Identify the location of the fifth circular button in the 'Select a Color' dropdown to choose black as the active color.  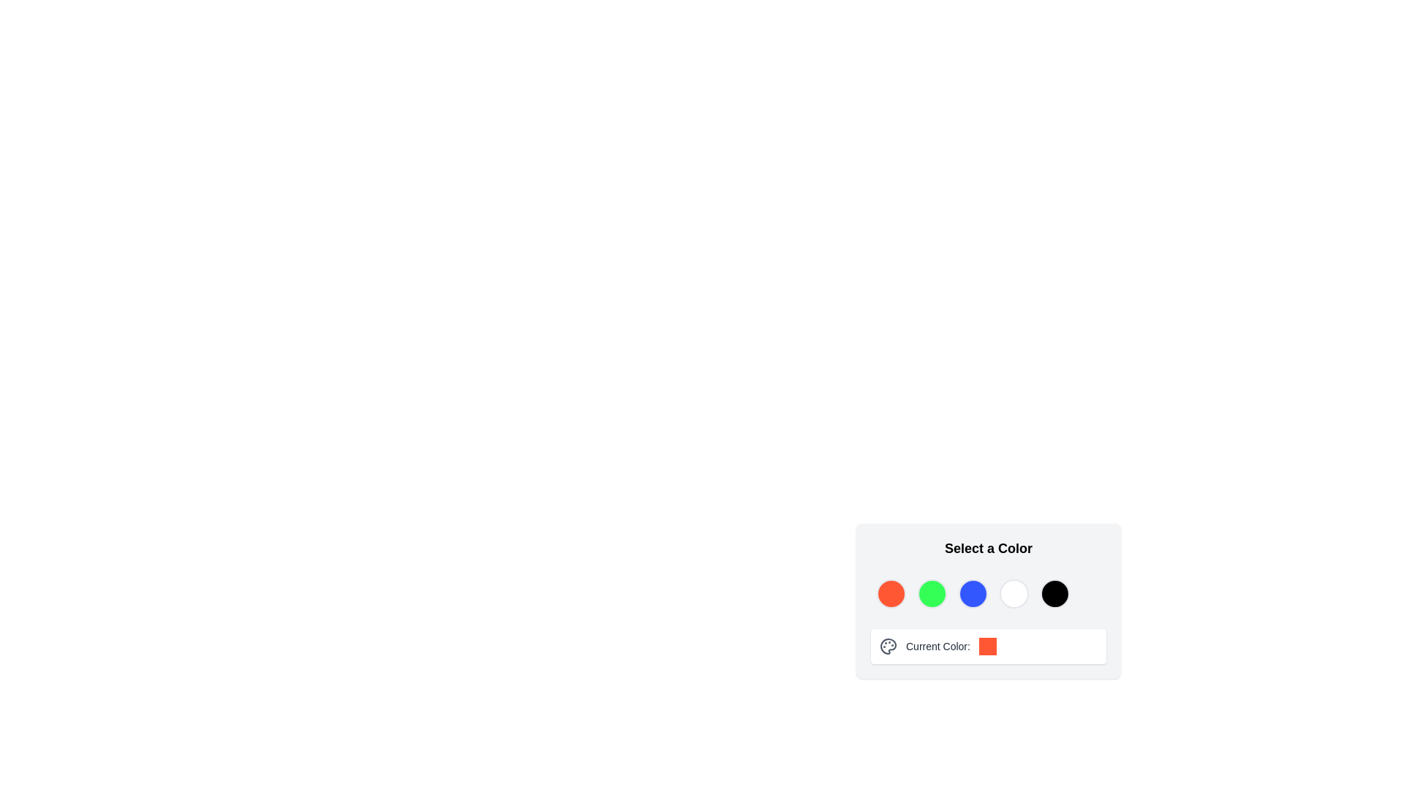
(1055, 594).